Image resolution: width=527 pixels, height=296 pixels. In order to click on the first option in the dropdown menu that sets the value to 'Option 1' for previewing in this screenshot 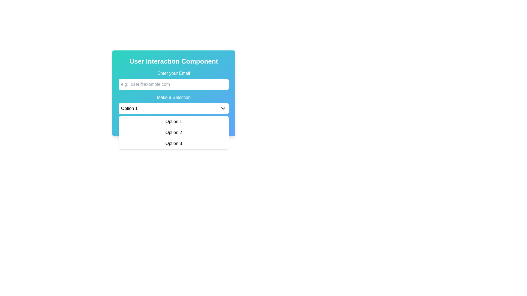, I will do `click(173, 121)`.